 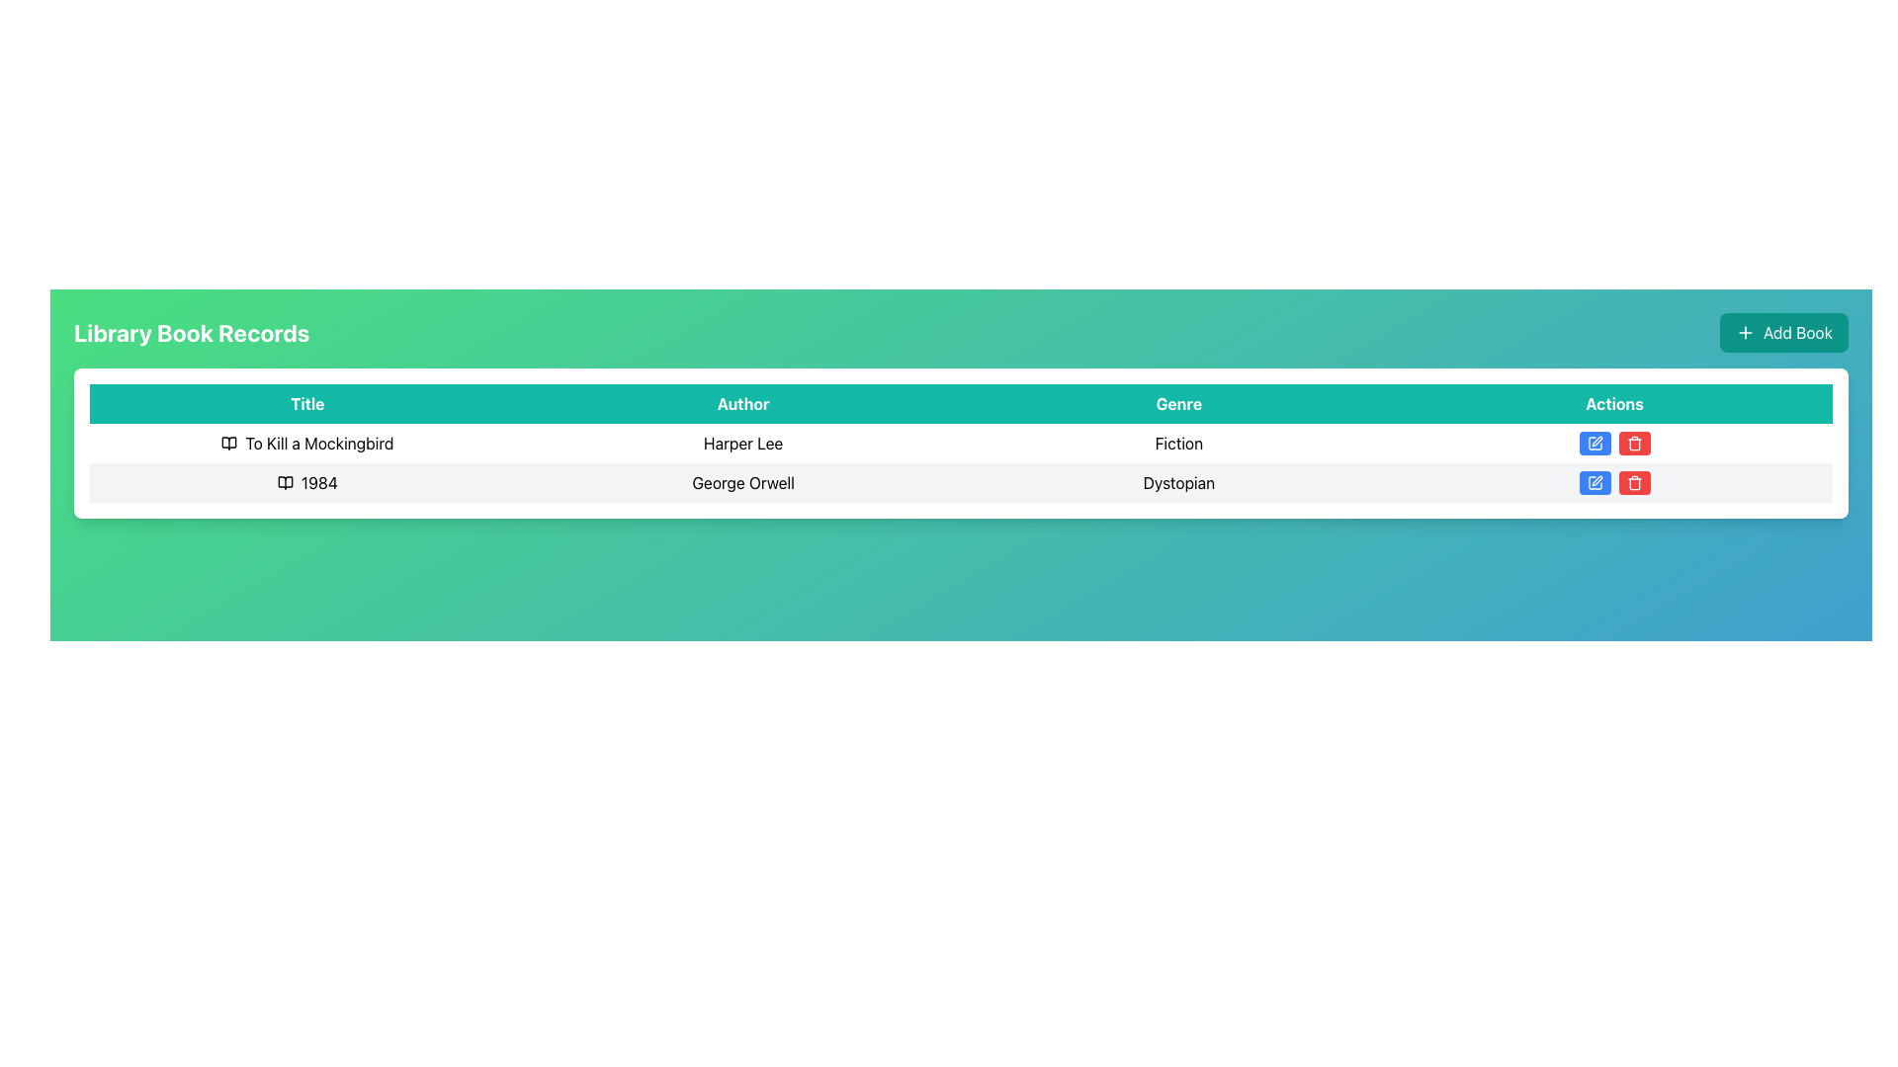 What do you see at coordinates (742, 483) in the screenshot?
I see `the text label displaying 'George Orwell' from its position in the 'Author' column of the book details table` at bounding box center [742, 483].